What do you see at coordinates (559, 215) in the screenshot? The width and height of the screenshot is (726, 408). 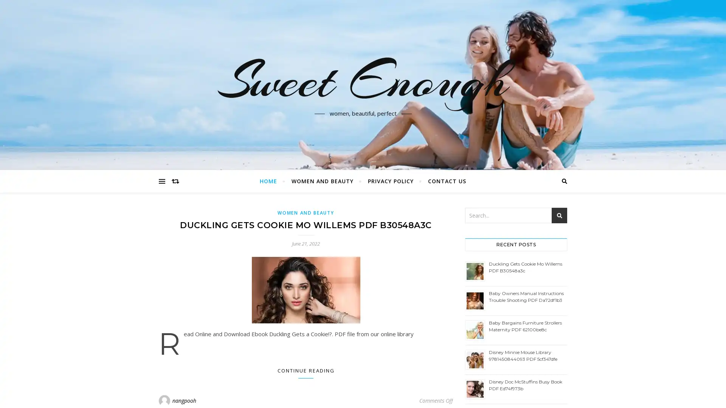 I see `st` at bounding box center [559, 215].